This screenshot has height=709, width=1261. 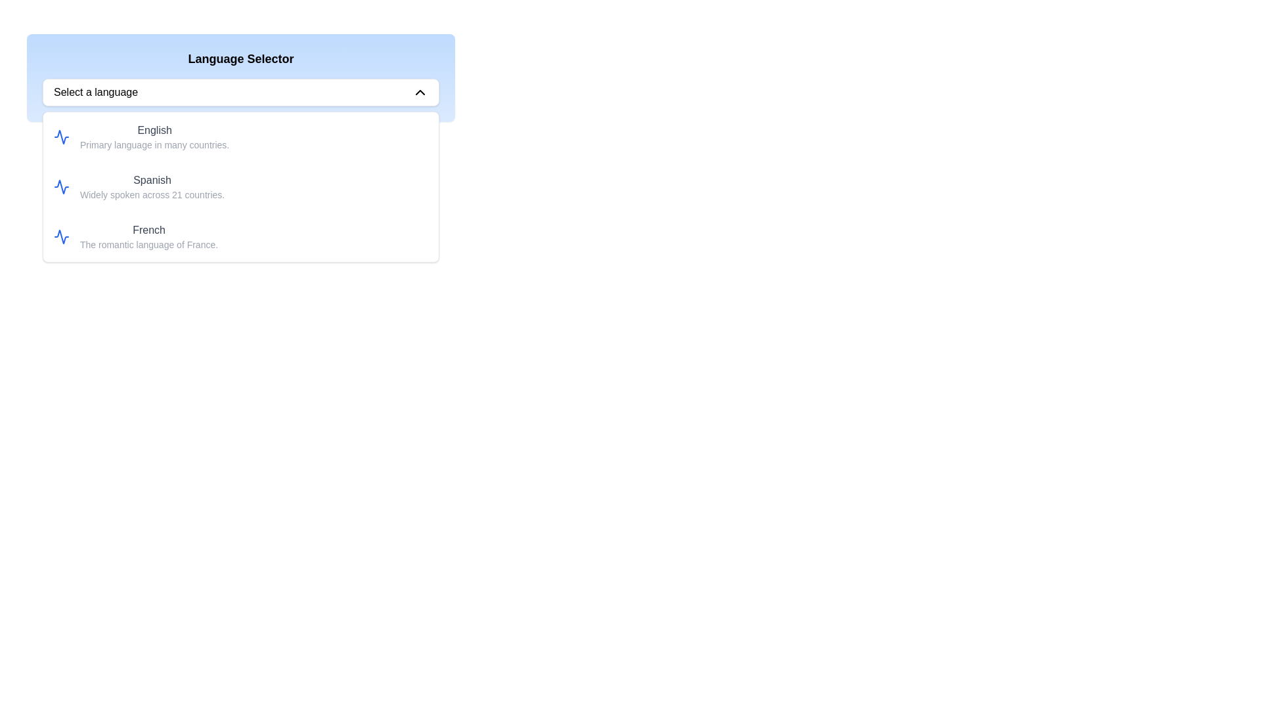 I want to click on the selectable list item for the Spanish language in the 'Language Selector' dropdown menu, so click(x=152, y=187).